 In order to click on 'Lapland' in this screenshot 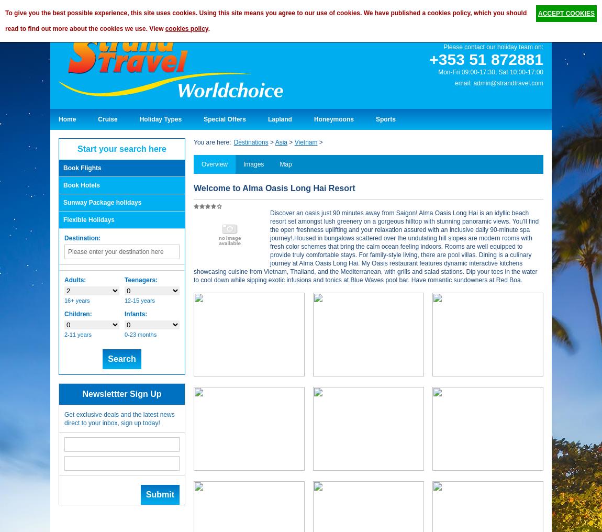, I will do `click(279, 119)`.